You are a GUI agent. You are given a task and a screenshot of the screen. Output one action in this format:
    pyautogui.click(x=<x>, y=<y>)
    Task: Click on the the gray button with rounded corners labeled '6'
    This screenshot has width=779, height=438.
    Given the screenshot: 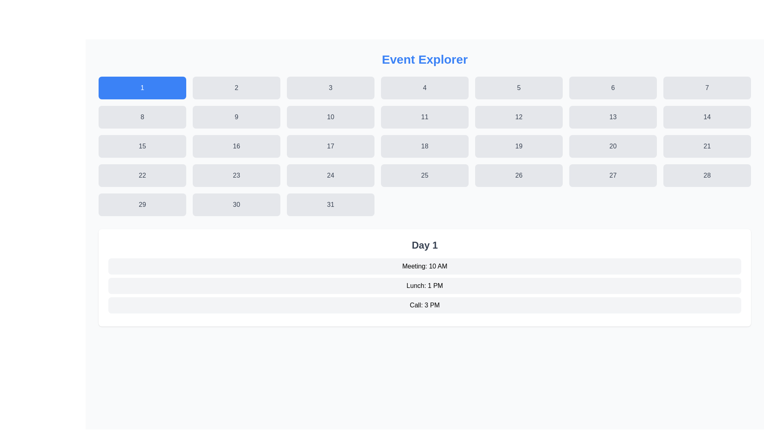 What is the action you would take?
    pyautogui.click(x=613, y=88)
    